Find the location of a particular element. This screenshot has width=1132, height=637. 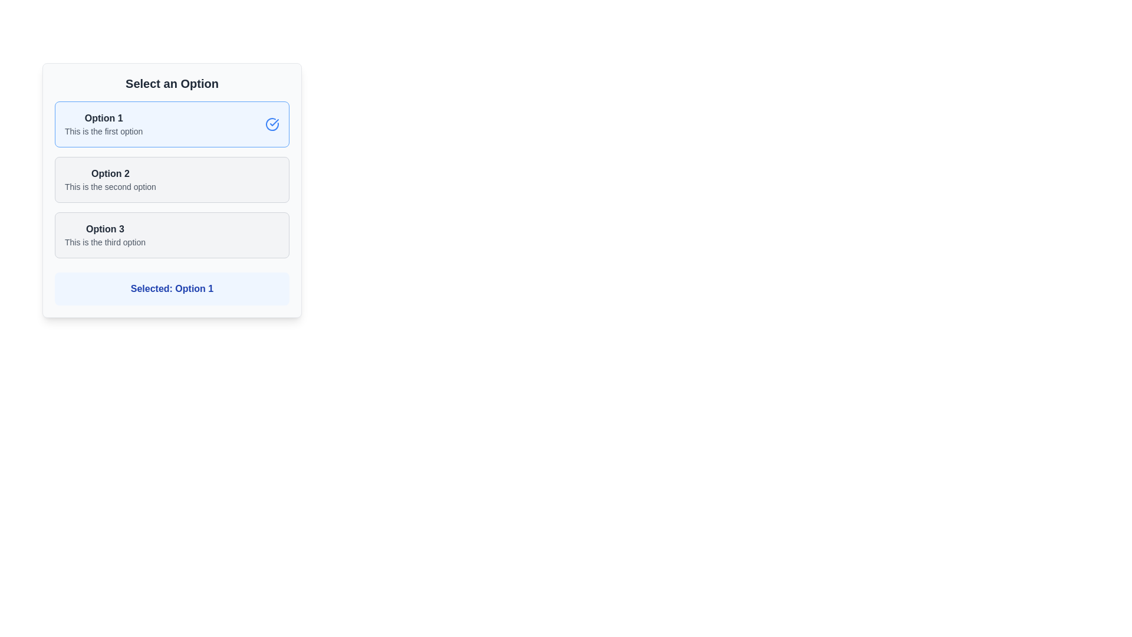

text label that serves as the title for the second selectable option, located at the center of the interface, above a descriptive text that reads 'This is the second option.' is located at coordinates (110, 173).